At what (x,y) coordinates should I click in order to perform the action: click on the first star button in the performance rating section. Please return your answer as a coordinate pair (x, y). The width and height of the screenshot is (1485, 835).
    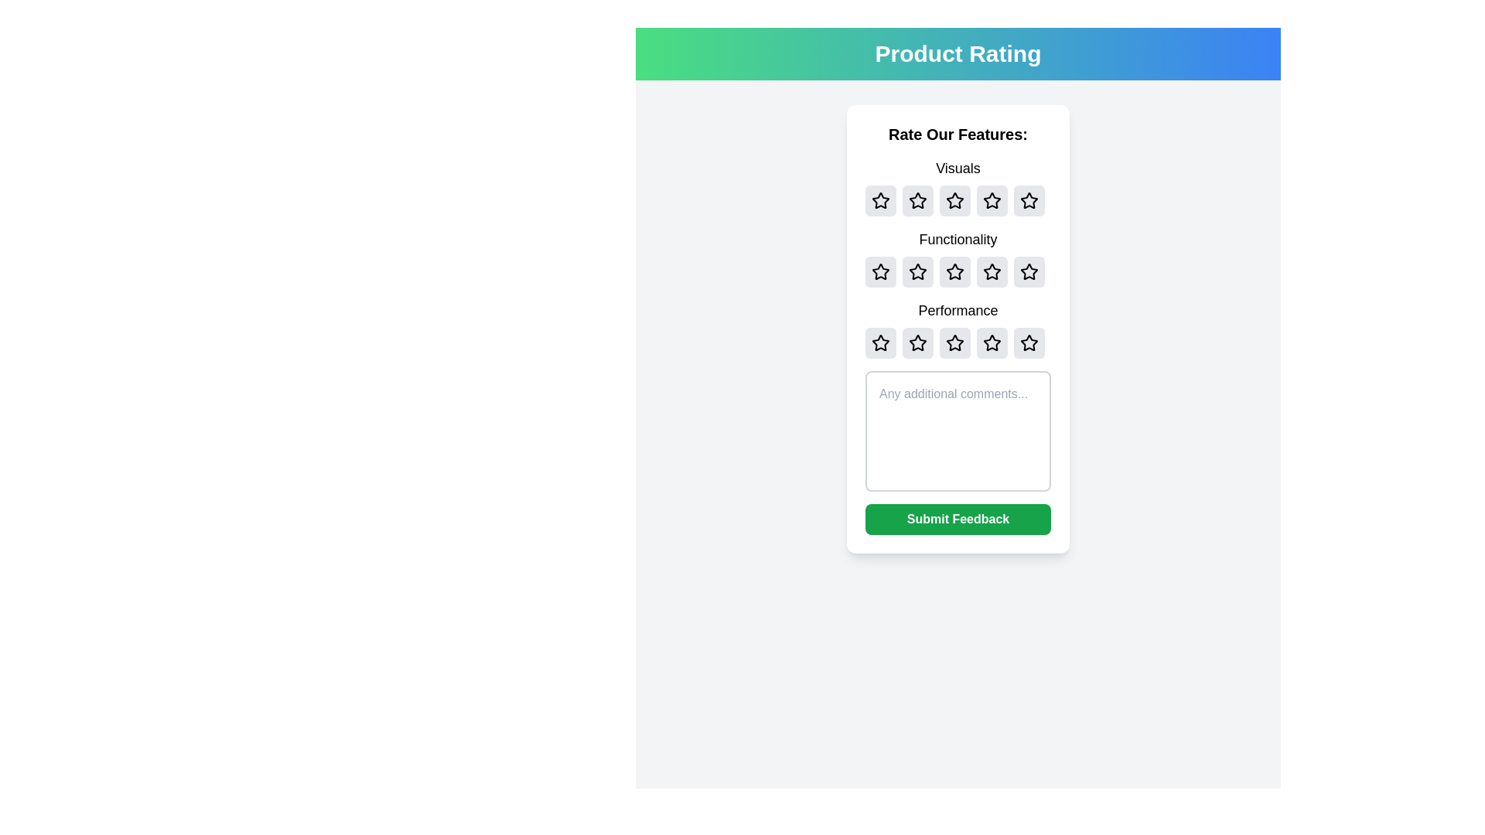
    Looking at the image, I should click on (880, 342).